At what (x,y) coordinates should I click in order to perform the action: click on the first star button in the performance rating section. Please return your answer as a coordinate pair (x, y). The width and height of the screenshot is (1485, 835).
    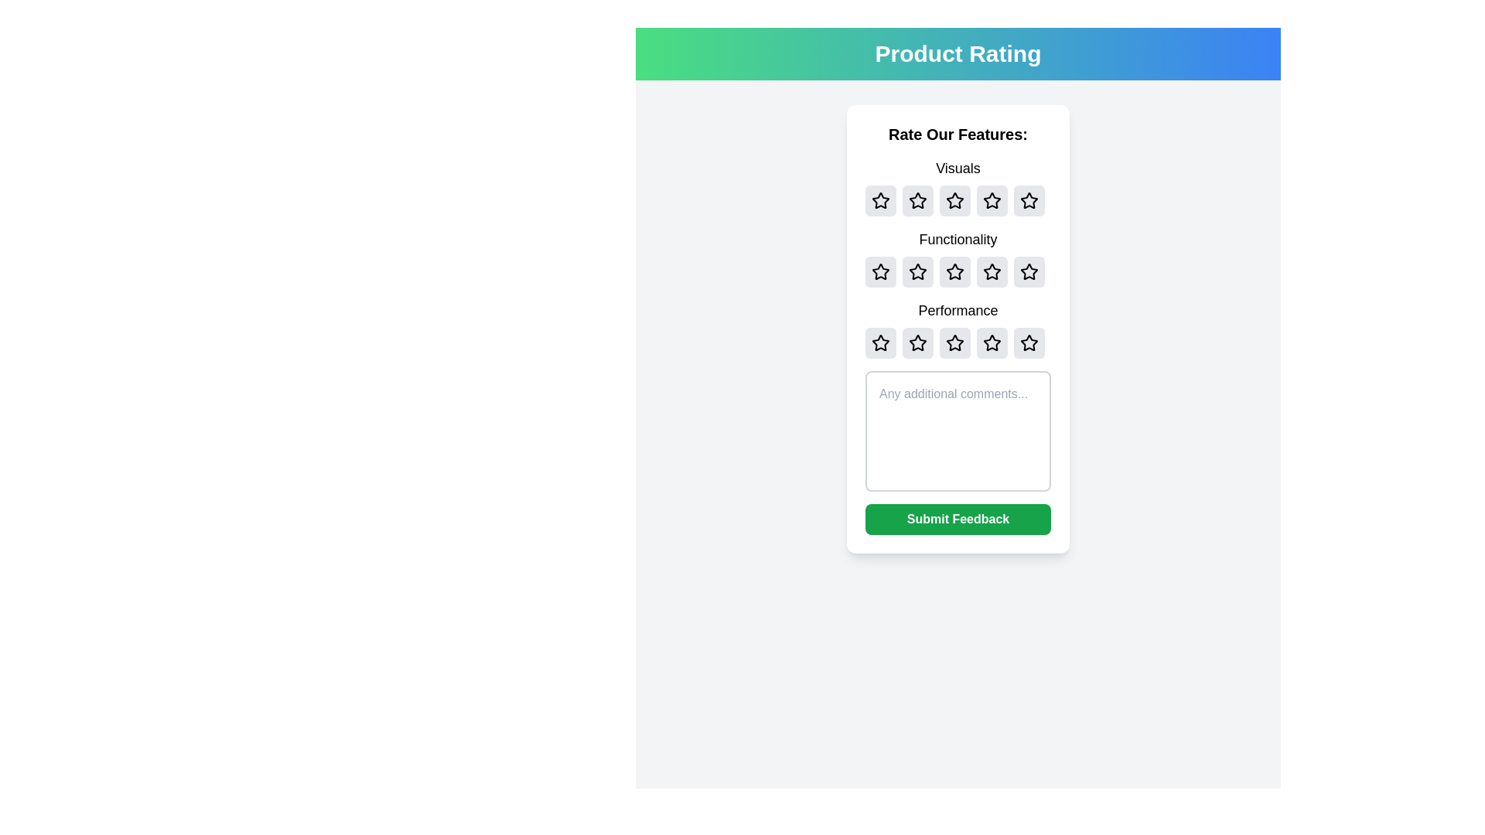
    Looking at the image, I should click on (880, 342).